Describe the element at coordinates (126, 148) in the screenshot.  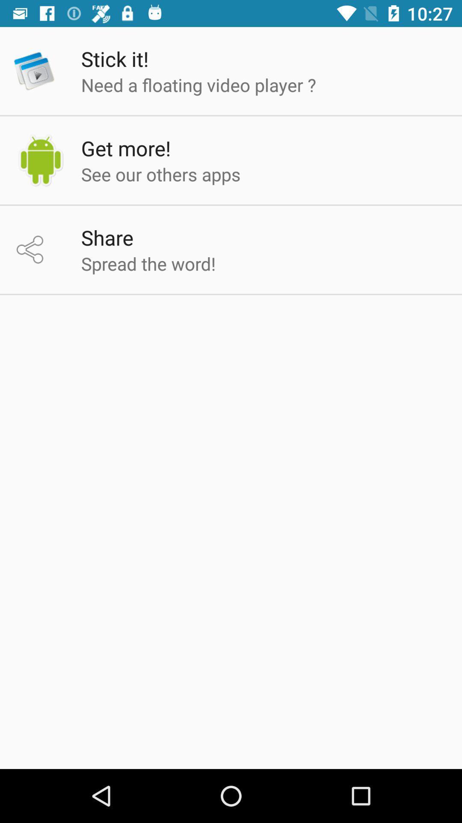
I see `item below the need a floating item` at that location.